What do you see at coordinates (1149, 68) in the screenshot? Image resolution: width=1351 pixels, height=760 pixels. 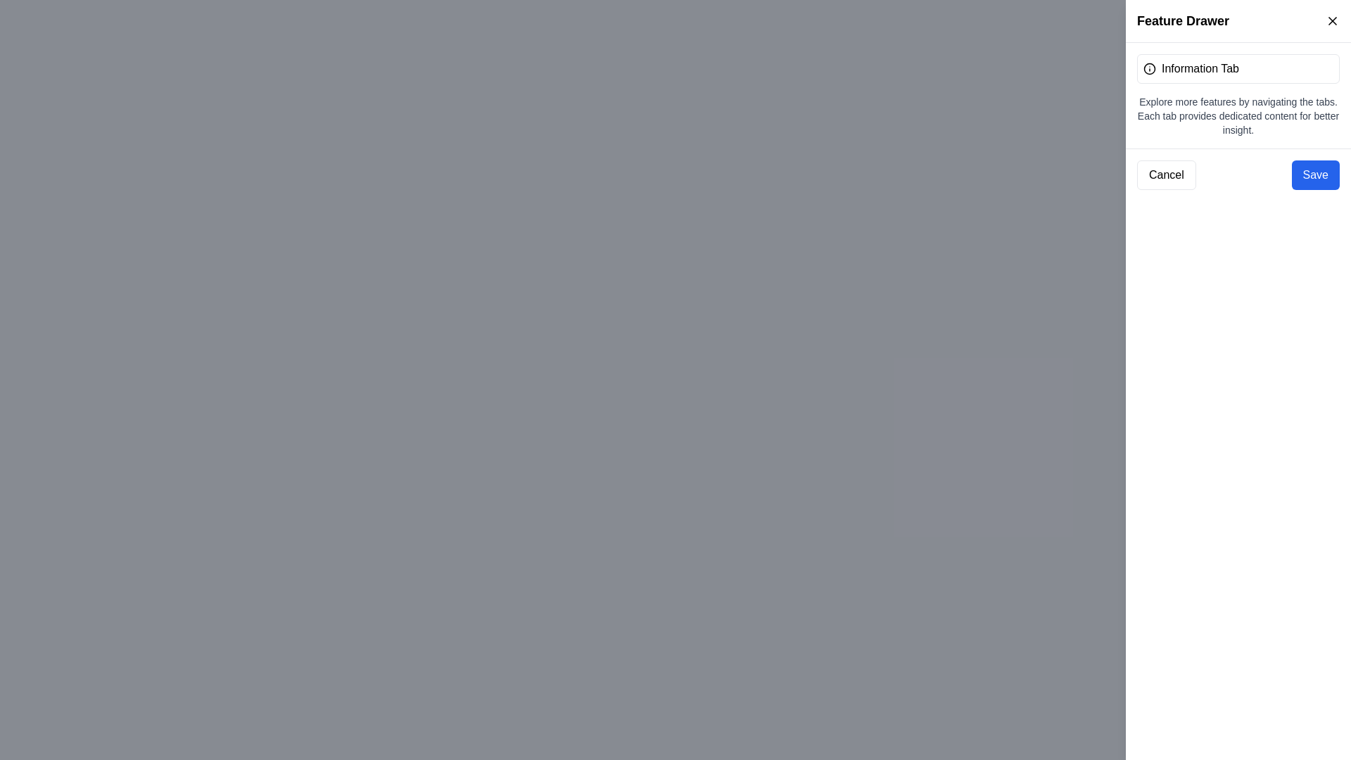 I see `the informational icon represented by an outlined circle with a vertical line and a dot, located in the header of the 'Information Tab' section` at bounding box center [1149, 68].